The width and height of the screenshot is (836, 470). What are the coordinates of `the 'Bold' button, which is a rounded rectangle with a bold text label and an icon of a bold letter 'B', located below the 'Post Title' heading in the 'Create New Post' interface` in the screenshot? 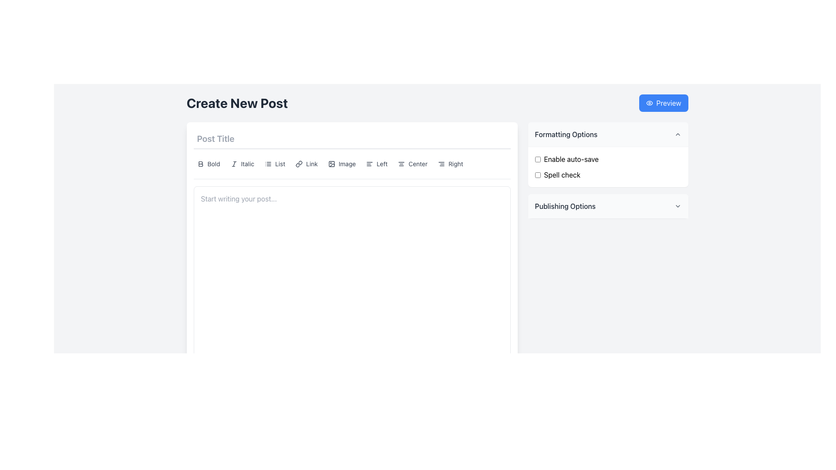 It's located at (208, 164).